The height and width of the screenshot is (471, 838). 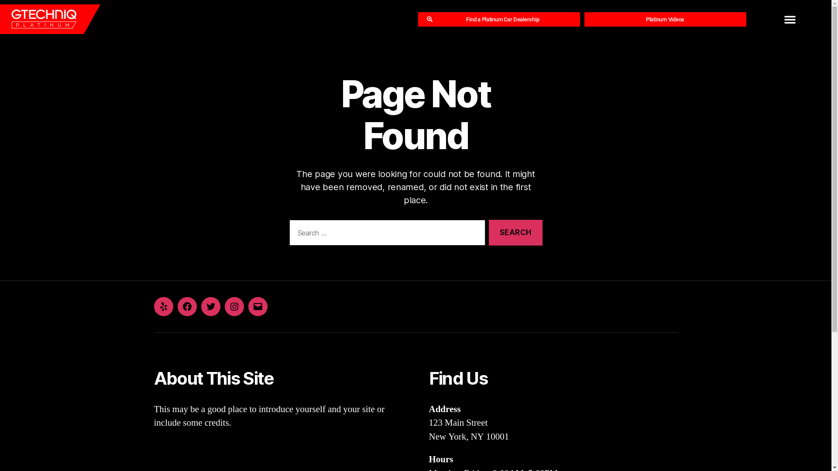 I want to click on 'Find a Platinum Car Dealership', so click(x=499, y=19).